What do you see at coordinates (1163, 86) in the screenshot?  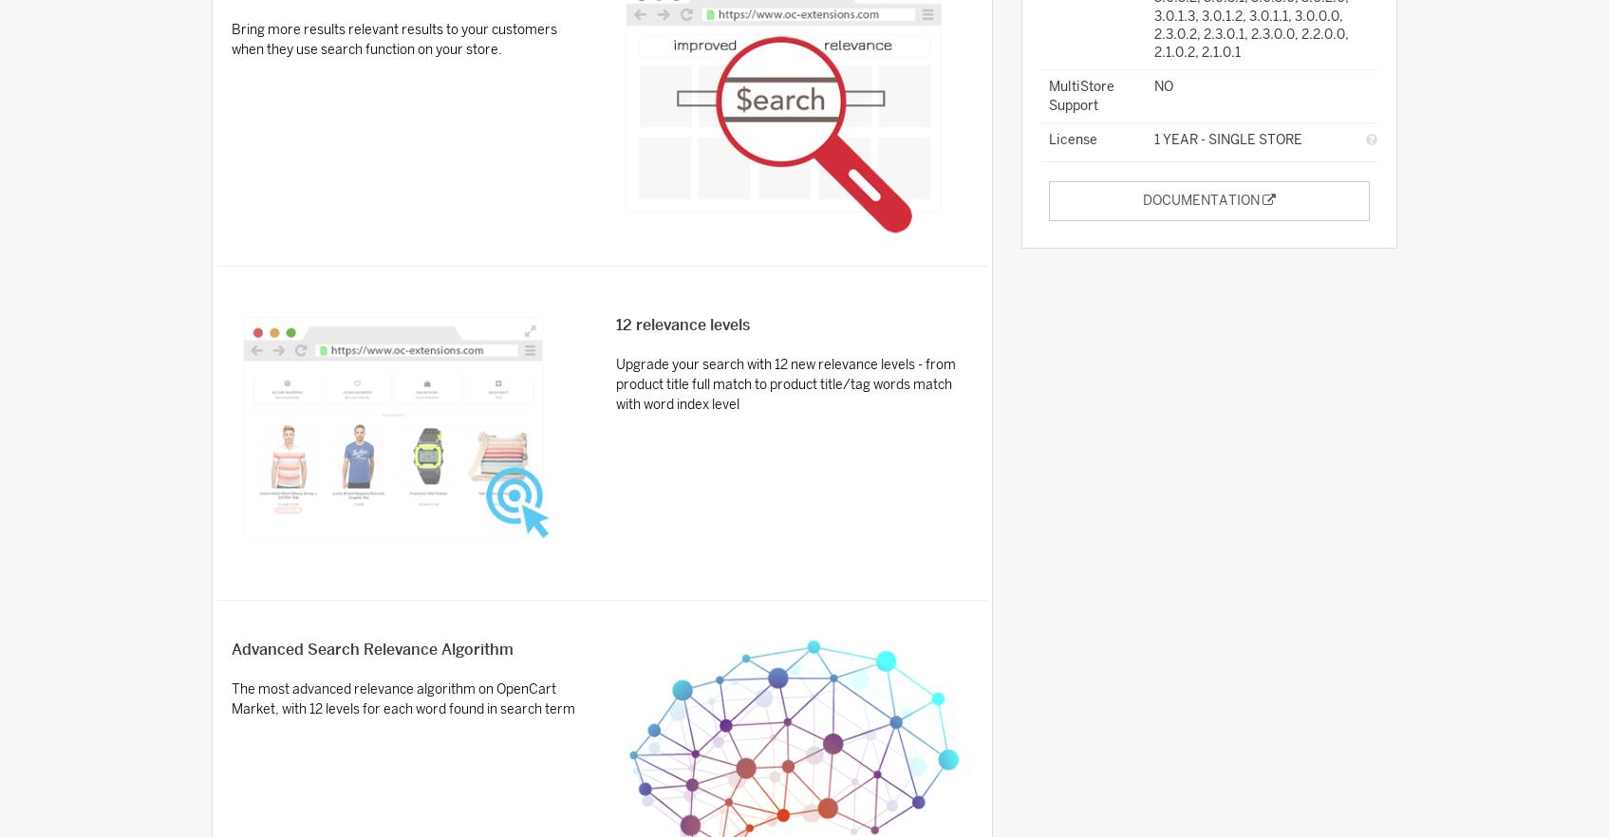 I see `'NO'` at bounding box center [1163, 86].